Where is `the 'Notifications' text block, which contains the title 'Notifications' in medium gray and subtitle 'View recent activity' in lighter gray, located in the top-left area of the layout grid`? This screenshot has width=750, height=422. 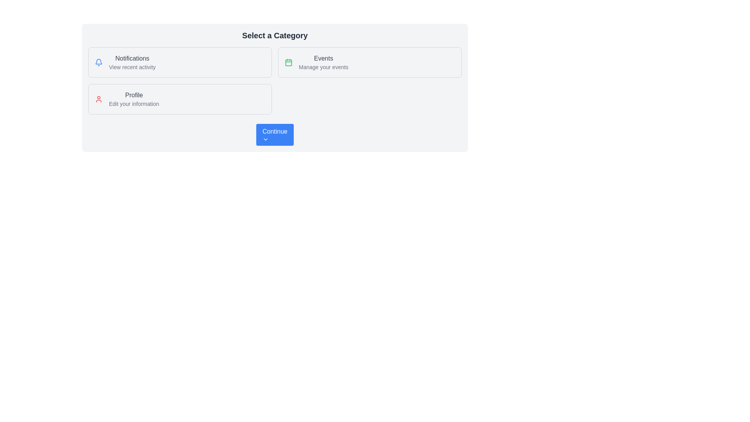 the 'Notifications' text block, which contains the title 'Notifications' in medium gray and subtitle 'View recent activity' in lighter gray, located in the top-left area of the layout grid is located at coordinates (132, 62).